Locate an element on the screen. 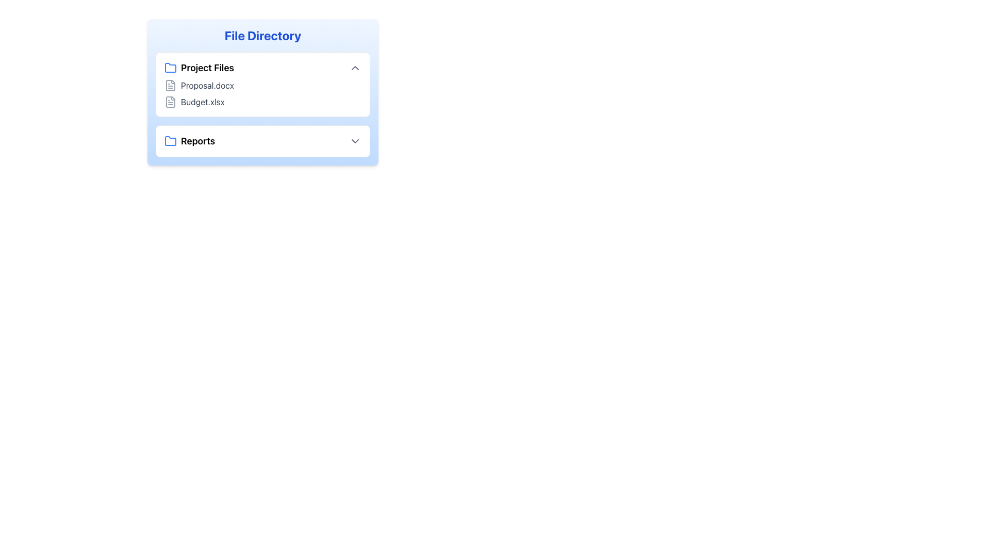  the folder icon representing 'Project Files' is located at coordinates (171, 68).